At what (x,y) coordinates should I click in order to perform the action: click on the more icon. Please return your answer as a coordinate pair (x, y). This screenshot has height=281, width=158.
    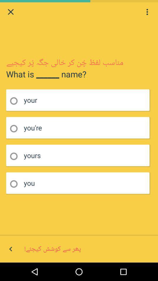
    Looking at the image, I should click on (147, 12).